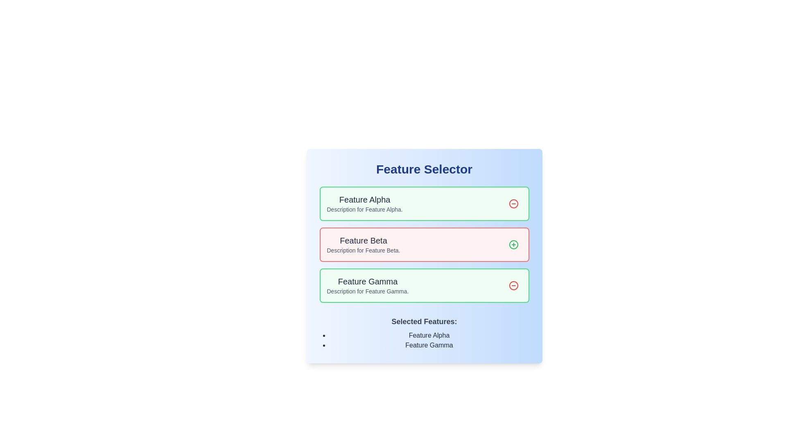  Describe the element at coordinates (363, 240) in the screenshot. I see `the text label displaying 'Feature Beta', which is styled with a gray font and is positioned centrally within the 'Feature Beta' section of the feature list` at that location.